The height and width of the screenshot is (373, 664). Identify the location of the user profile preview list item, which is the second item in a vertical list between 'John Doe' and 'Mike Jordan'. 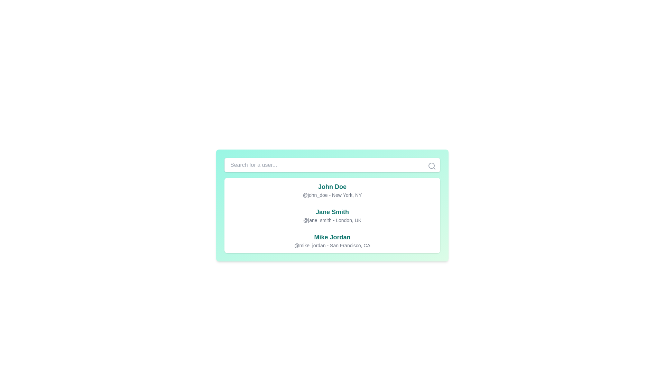
(332, 215).